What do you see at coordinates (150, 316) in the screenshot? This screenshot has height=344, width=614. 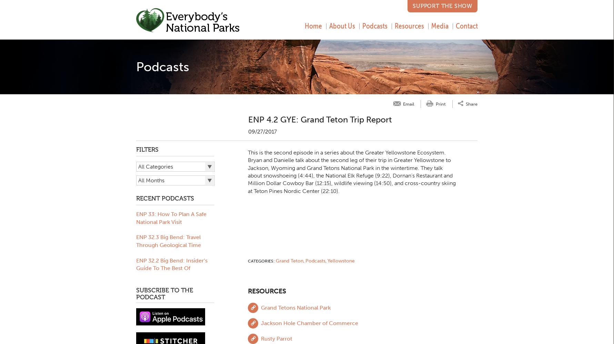 I see `'Rock Creek'` at bounding box center [150, 316].